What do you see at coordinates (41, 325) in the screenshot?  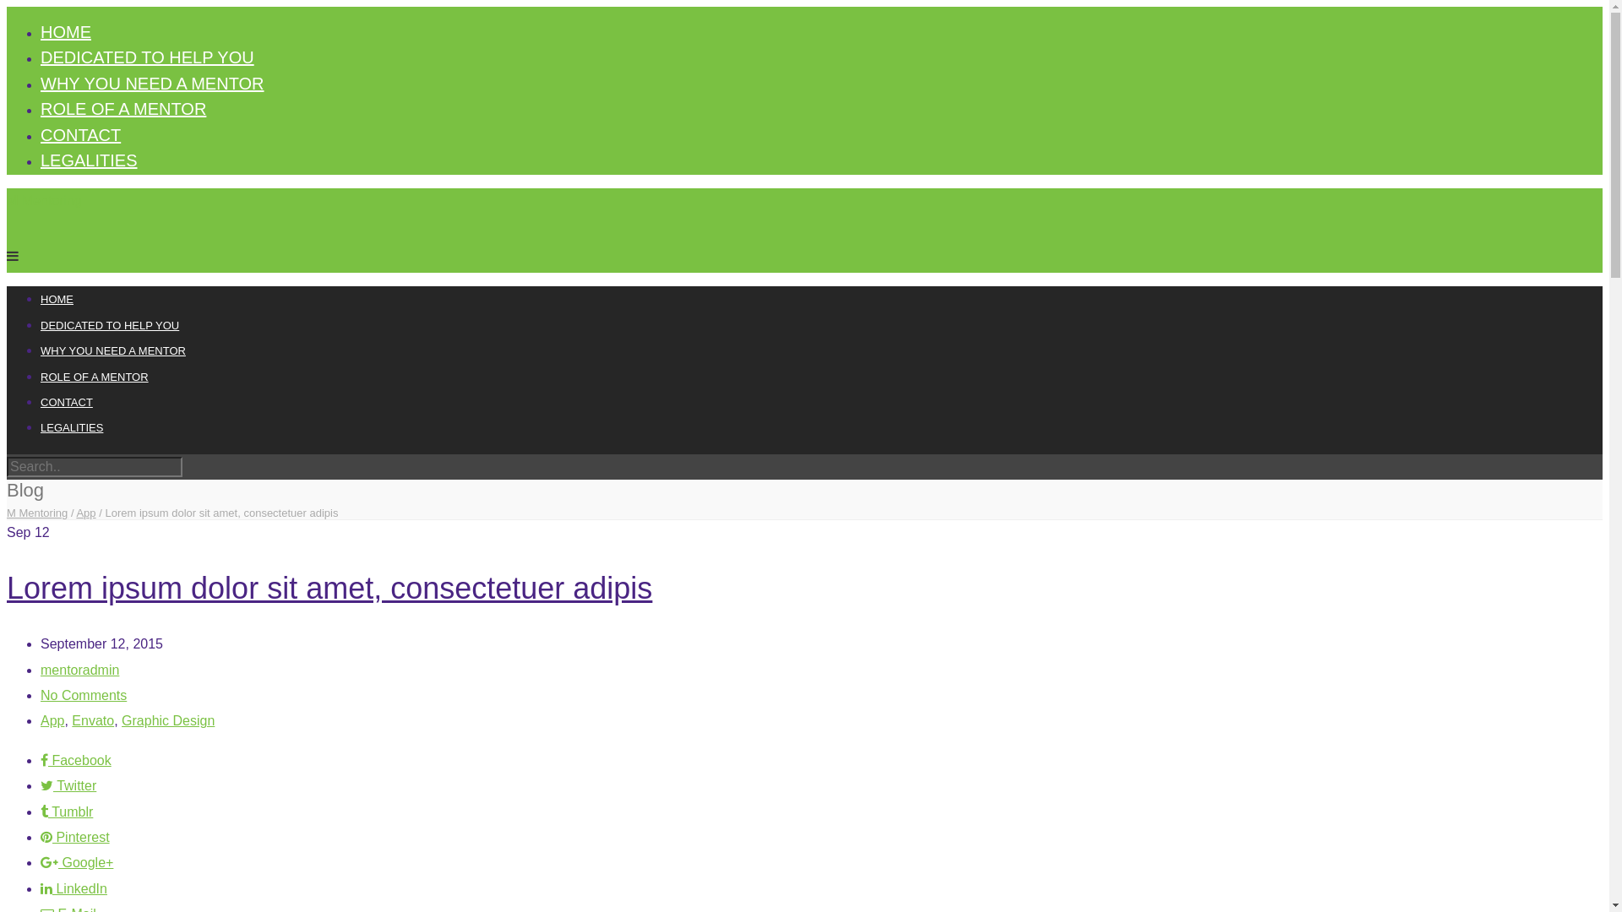 I see `'DEDICATED TO HELP YOU'` at bounding box center [41, 325].